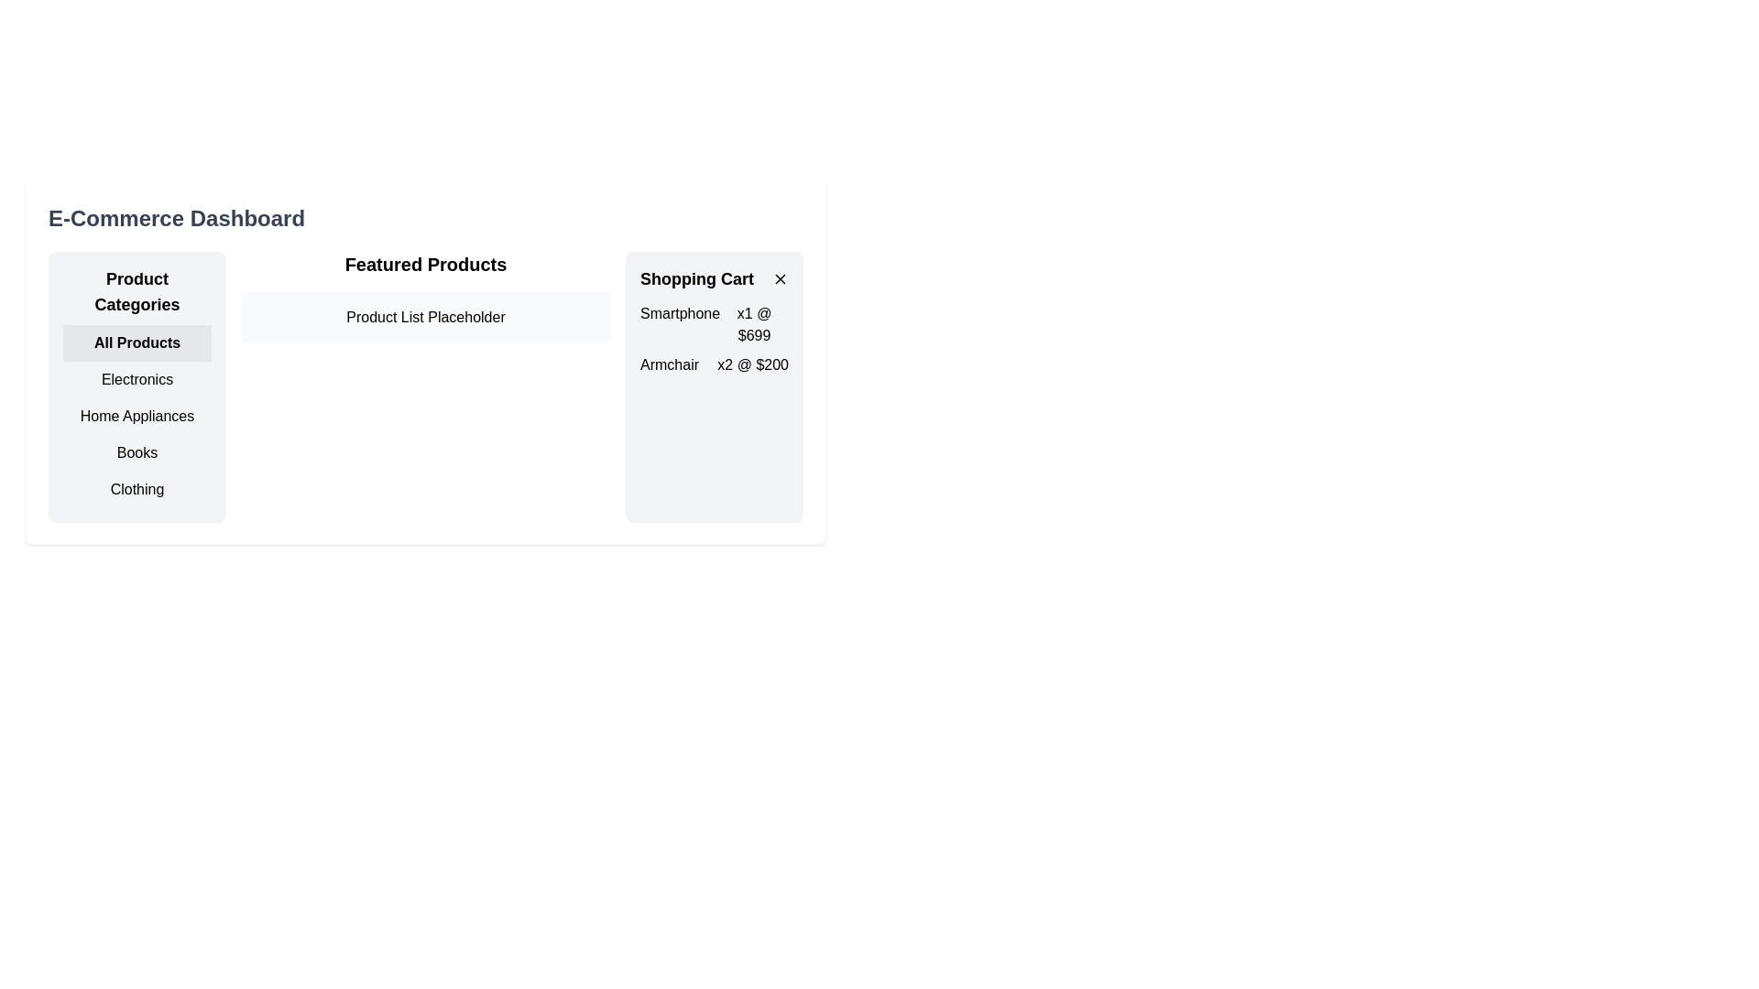 The image size is (1759, 989). I want to click on the static text display for the shopping cart item 'Armchair x2 @ $200', so click(713, 364).